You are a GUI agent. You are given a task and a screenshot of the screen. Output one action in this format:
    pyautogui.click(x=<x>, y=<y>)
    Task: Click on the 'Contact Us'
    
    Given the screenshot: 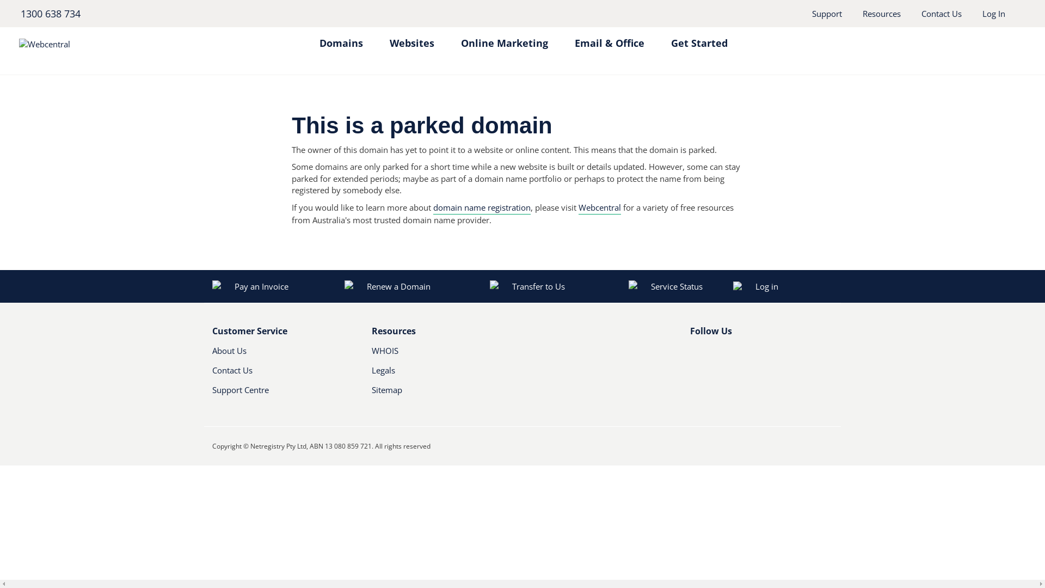 What is the action you would take?
    pyautogui.click(x=941, y=13)
    